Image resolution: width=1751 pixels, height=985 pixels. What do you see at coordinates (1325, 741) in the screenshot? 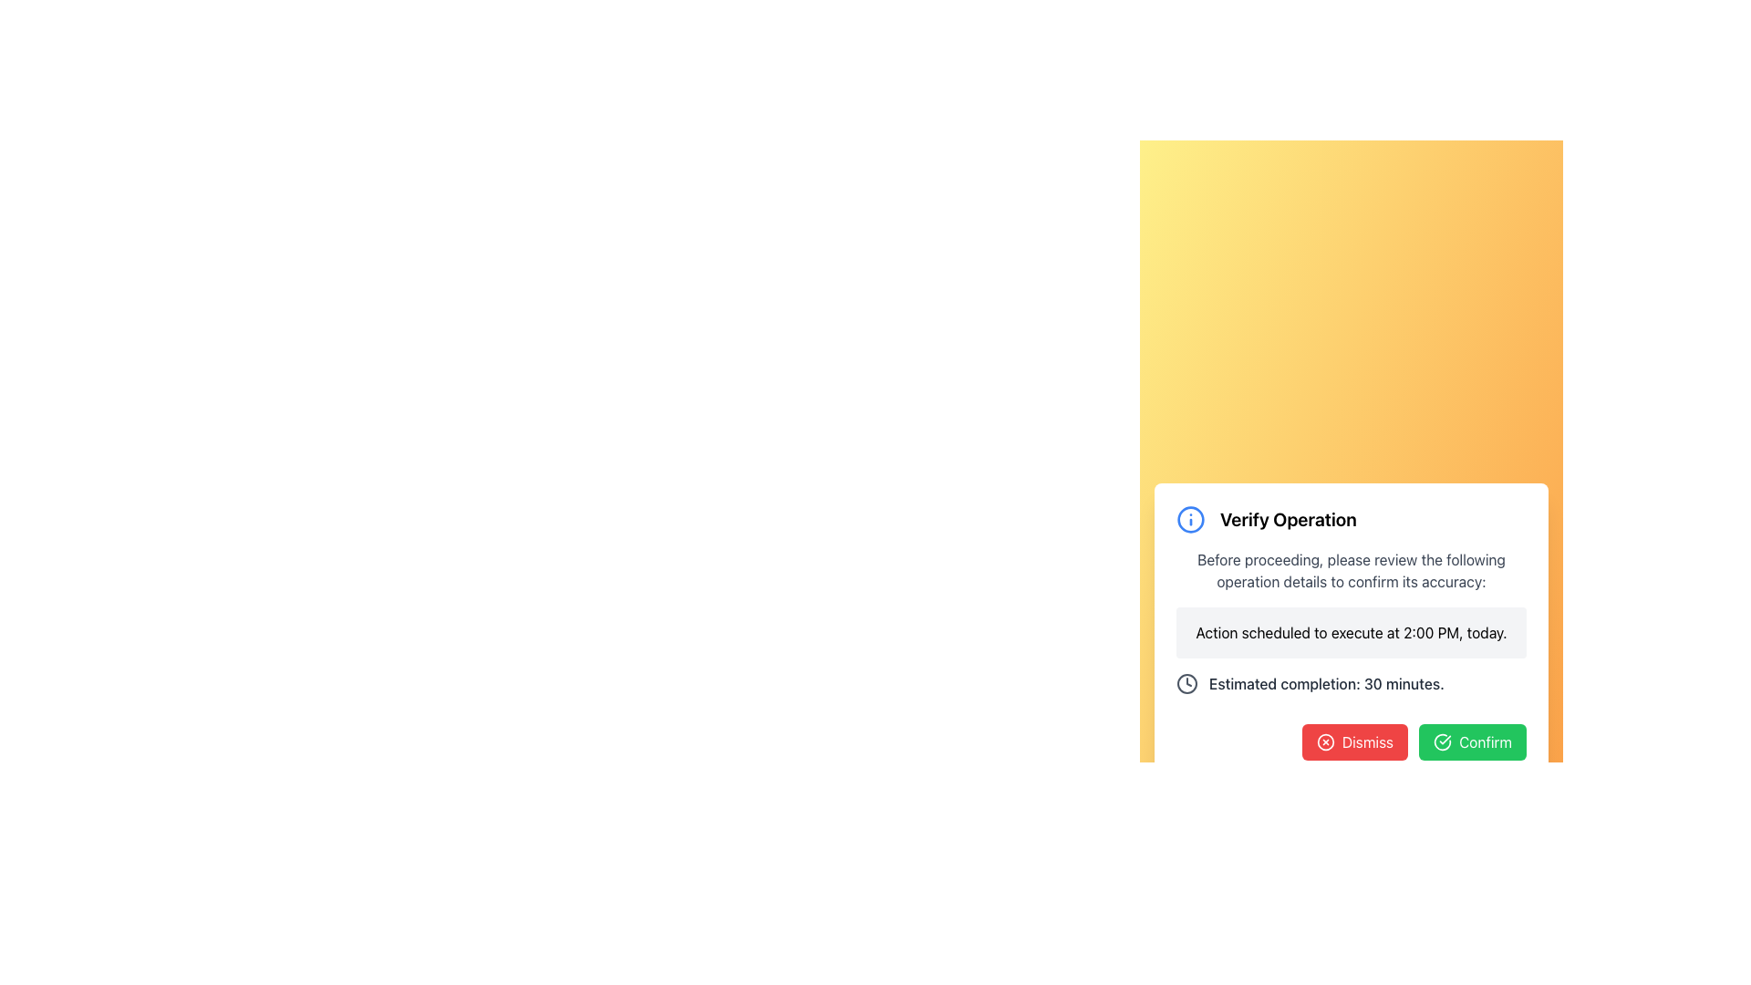
I see `the decorative Circle graphic located to the left of the 'Dismiss' button in the footer section below a confirmation message` at bounding box center [1325, 741].